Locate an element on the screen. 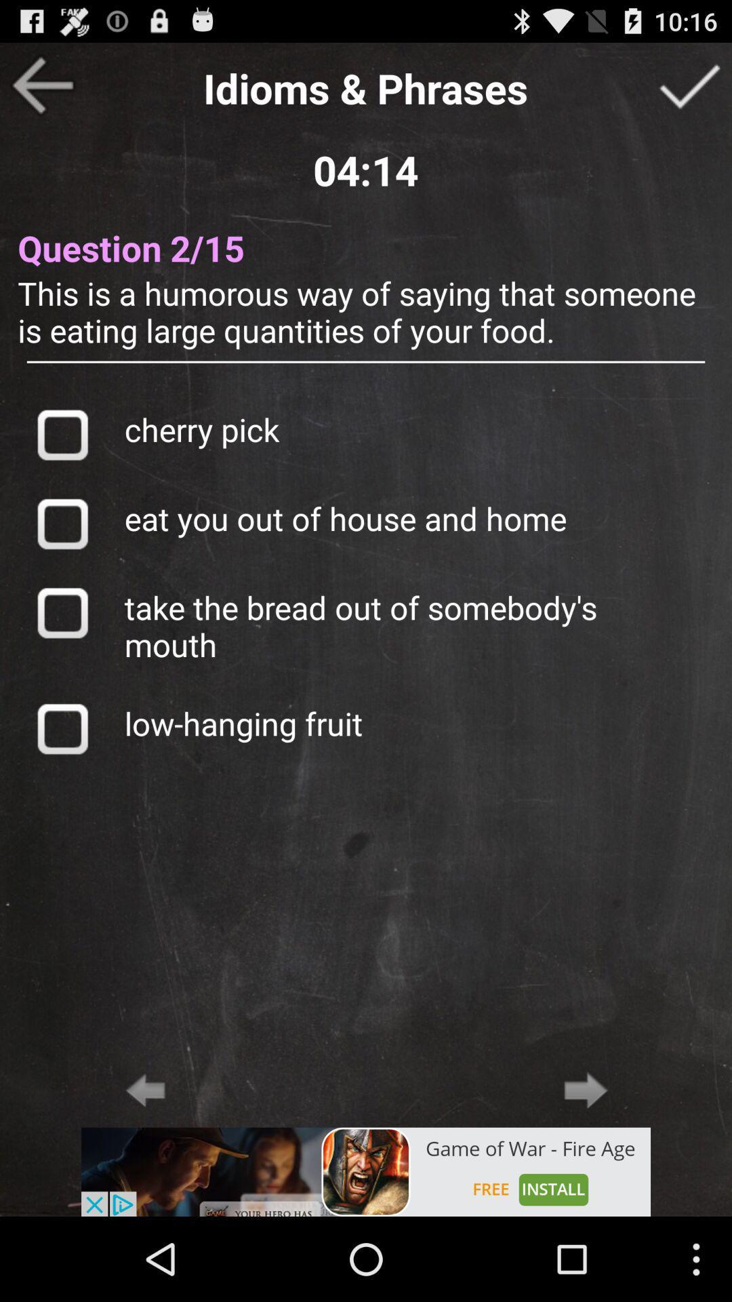 Image resolution: width=732 pixels, height=1302 pixels. previous screen is located at coordinates (41, 84).